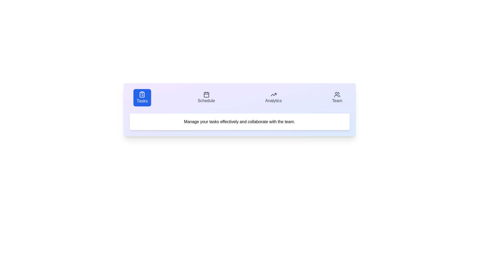 This screenshot has height=280, width=498. I want to click on the Schedule button to observe its visual change, so click(206, 98).